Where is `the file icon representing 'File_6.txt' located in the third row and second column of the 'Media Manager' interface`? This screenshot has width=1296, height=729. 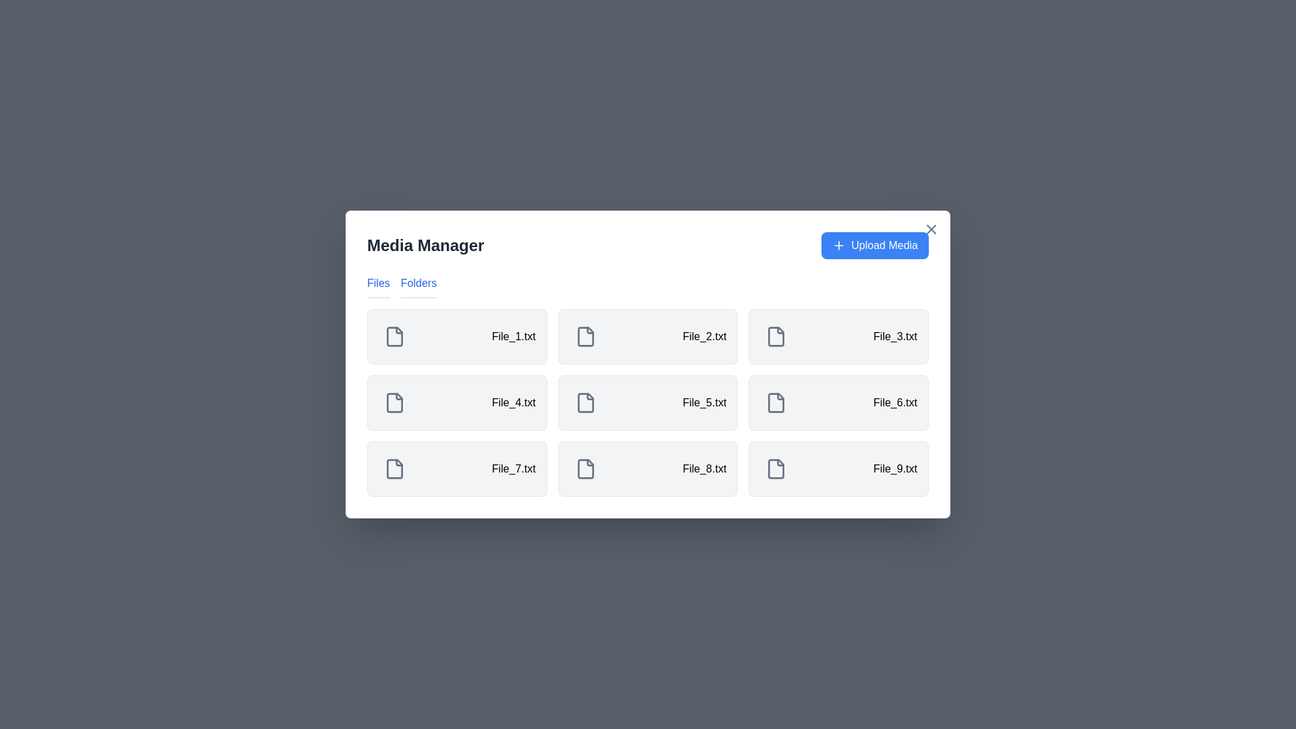
the file icon representing 'File_6.txt' located in the third row and second column of the 'Media Manager' interface is located at coordinates (776, 402).